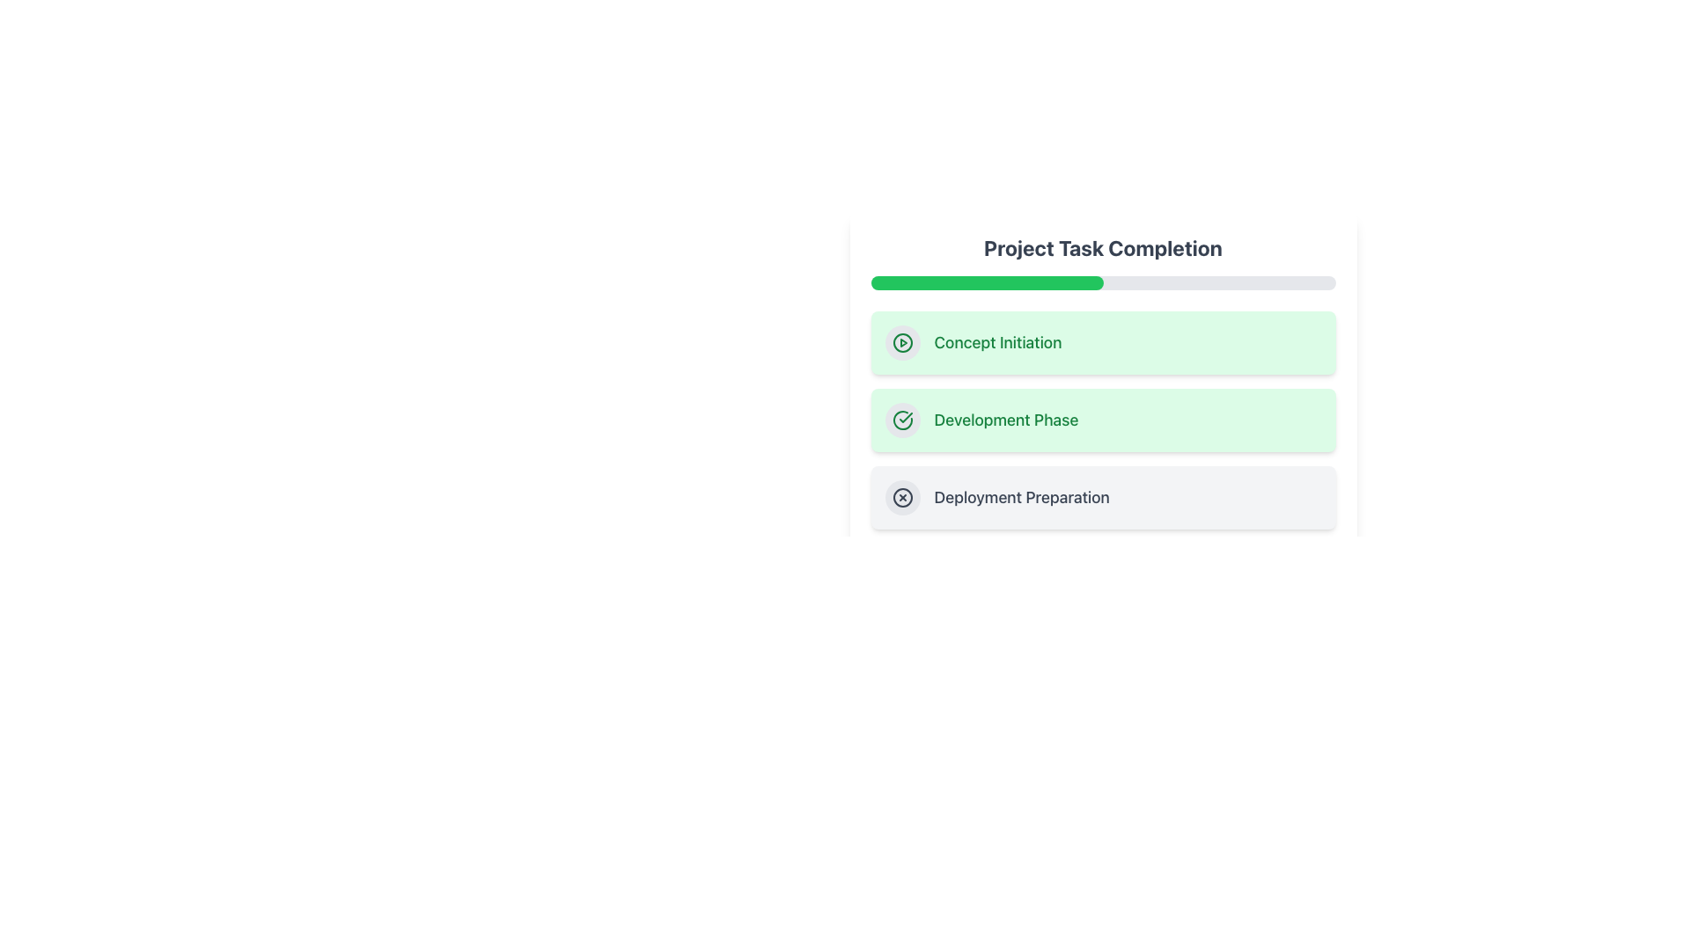 The image size is (1690, 950). I want to click on the text label displaying 'Project Task Completion', which is a prominent title in bold, large, dark gray font positioned at the top of the card-like interface box, so click(1102, 247).